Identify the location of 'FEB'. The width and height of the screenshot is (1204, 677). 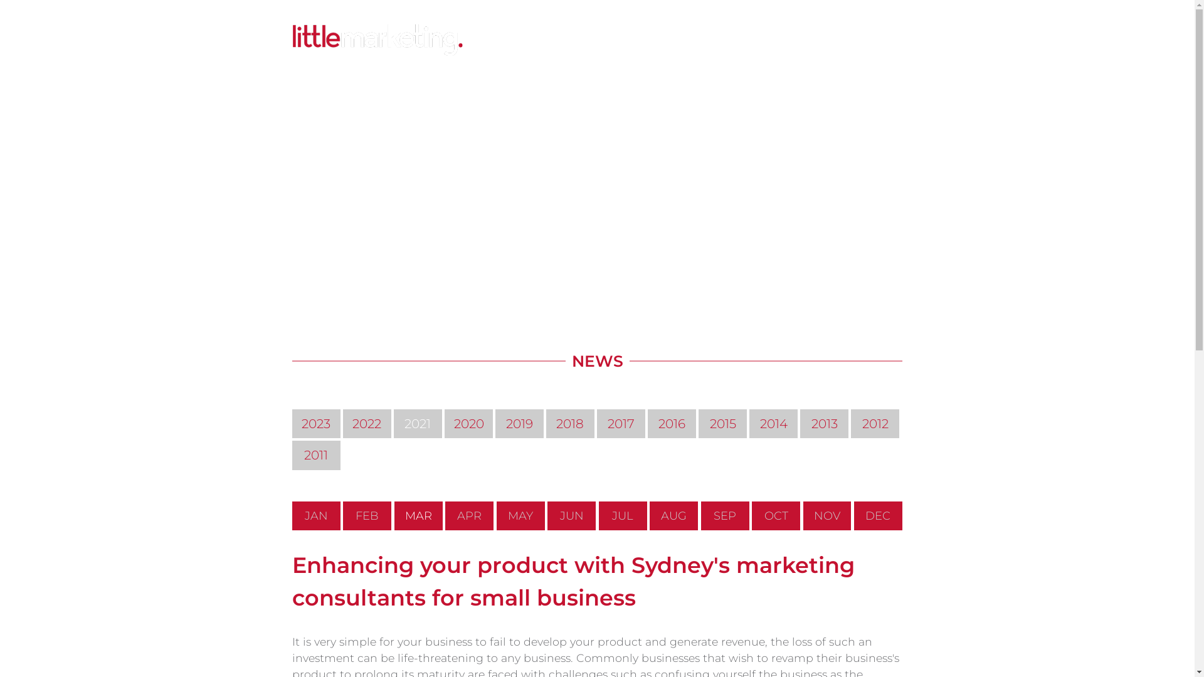
(366, 515).